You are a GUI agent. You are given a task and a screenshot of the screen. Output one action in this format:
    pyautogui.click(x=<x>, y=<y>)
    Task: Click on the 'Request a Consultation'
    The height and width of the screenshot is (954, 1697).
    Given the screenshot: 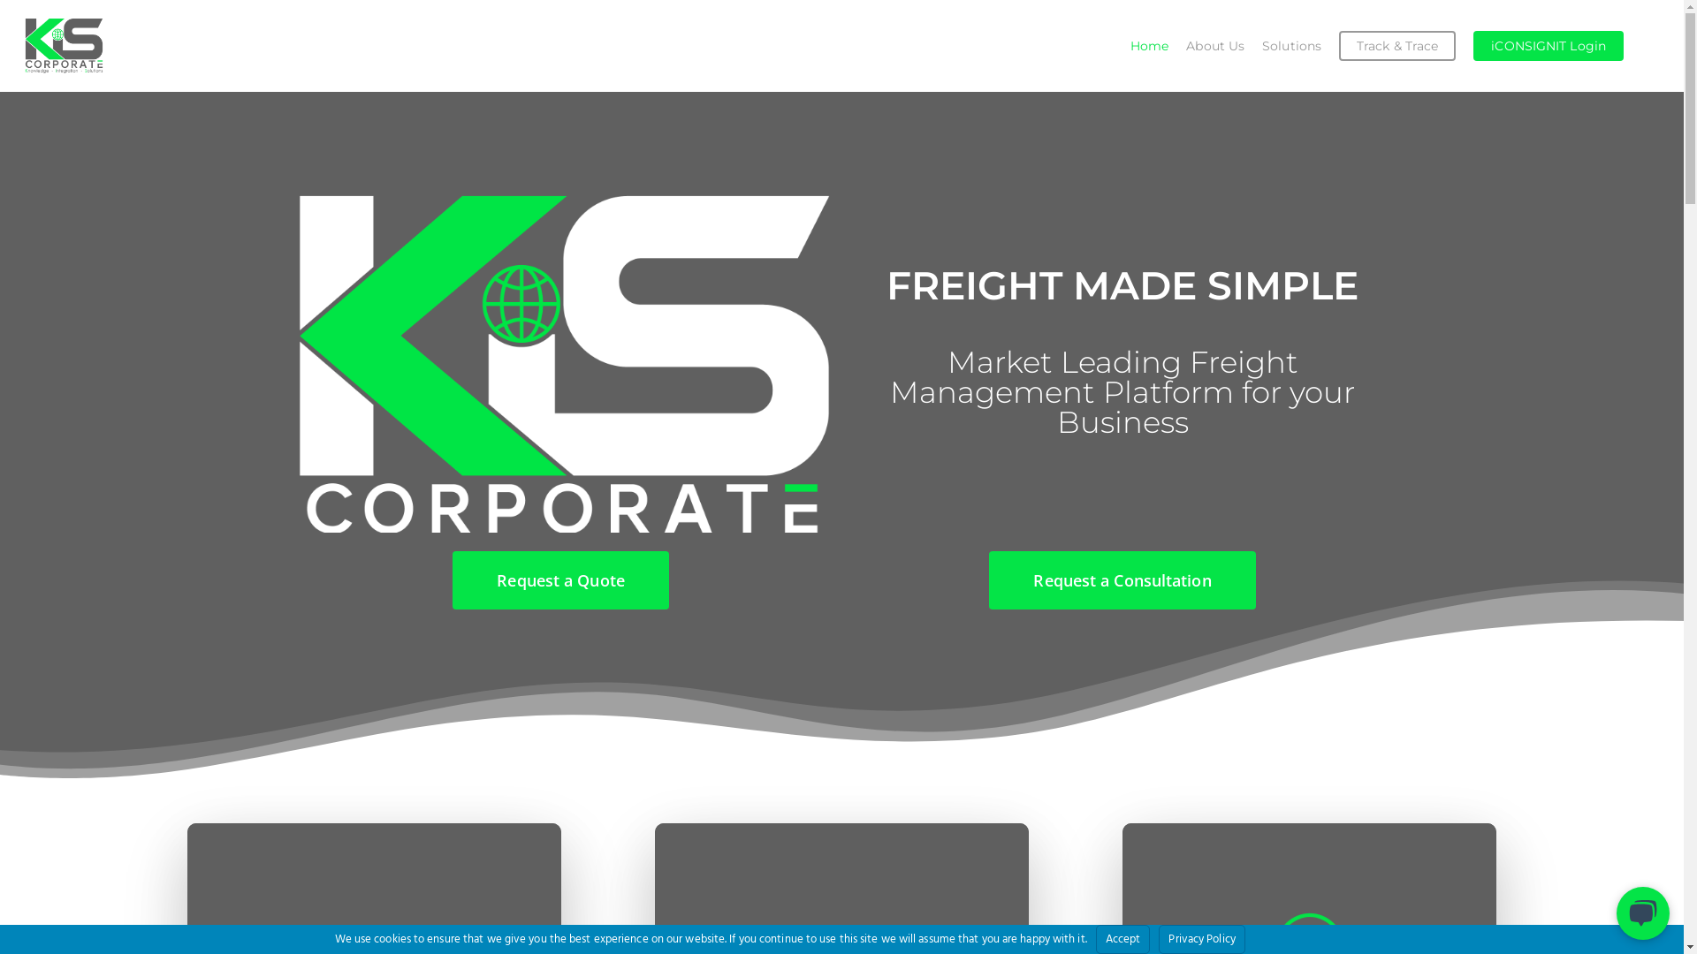 What is the action you would take?
    pyautogui.click(x=1121, y=579)
    